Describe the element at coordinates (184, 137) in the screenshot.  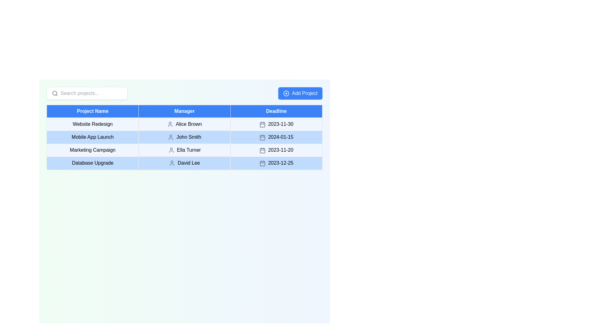
I see `the Text Cell with Icon displaying 'John Smith' in the Manager column` at that location.